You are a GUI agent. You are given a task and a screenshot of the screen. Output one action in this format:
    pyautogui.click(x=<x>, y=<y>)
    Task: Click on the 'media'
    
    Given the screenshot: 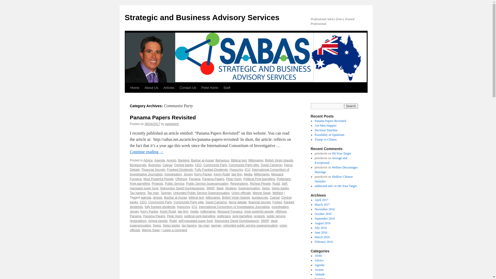 What is the action you would take?
    pyautogui.click(x=194, y=211)
    